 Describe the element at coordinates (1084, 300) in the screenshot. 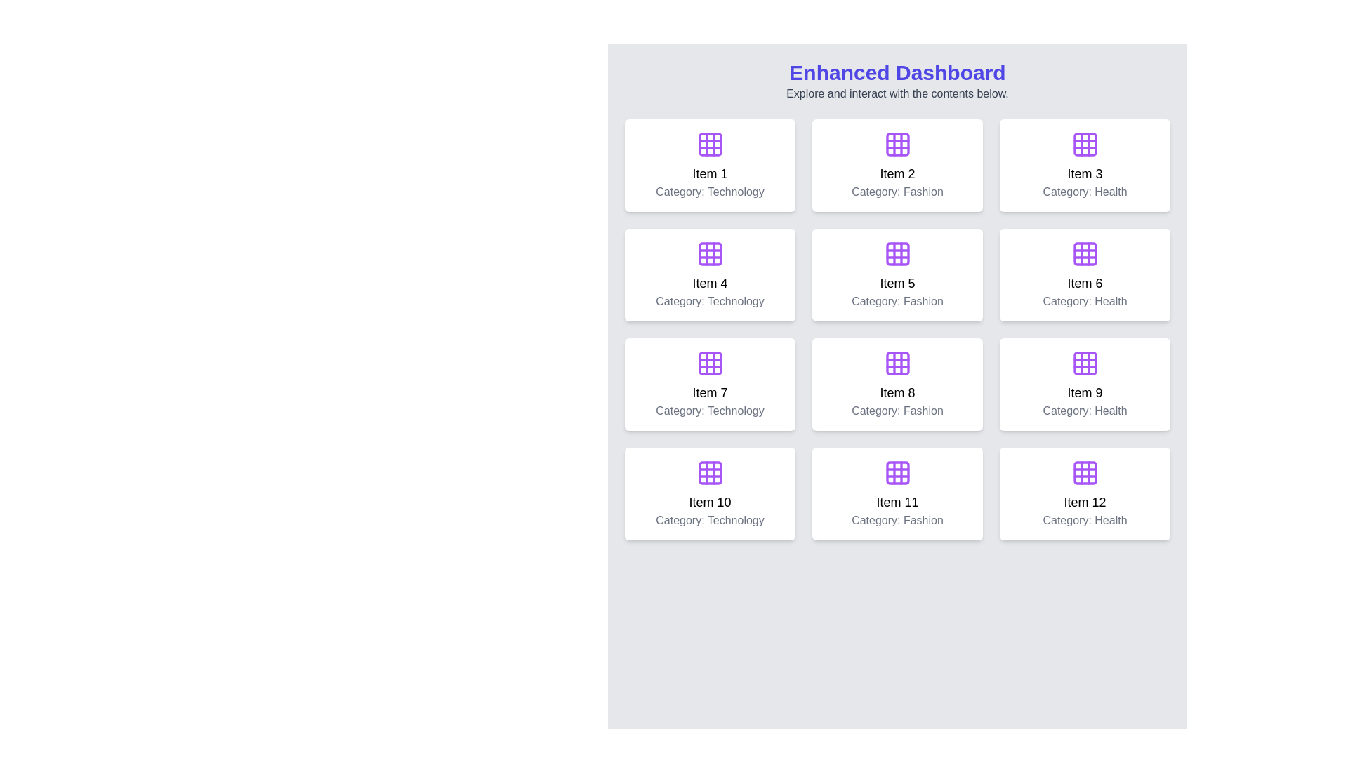

I see `the text label displaying 'Category: Health', which is centered within the card labeled 'Item 6'` at that location.